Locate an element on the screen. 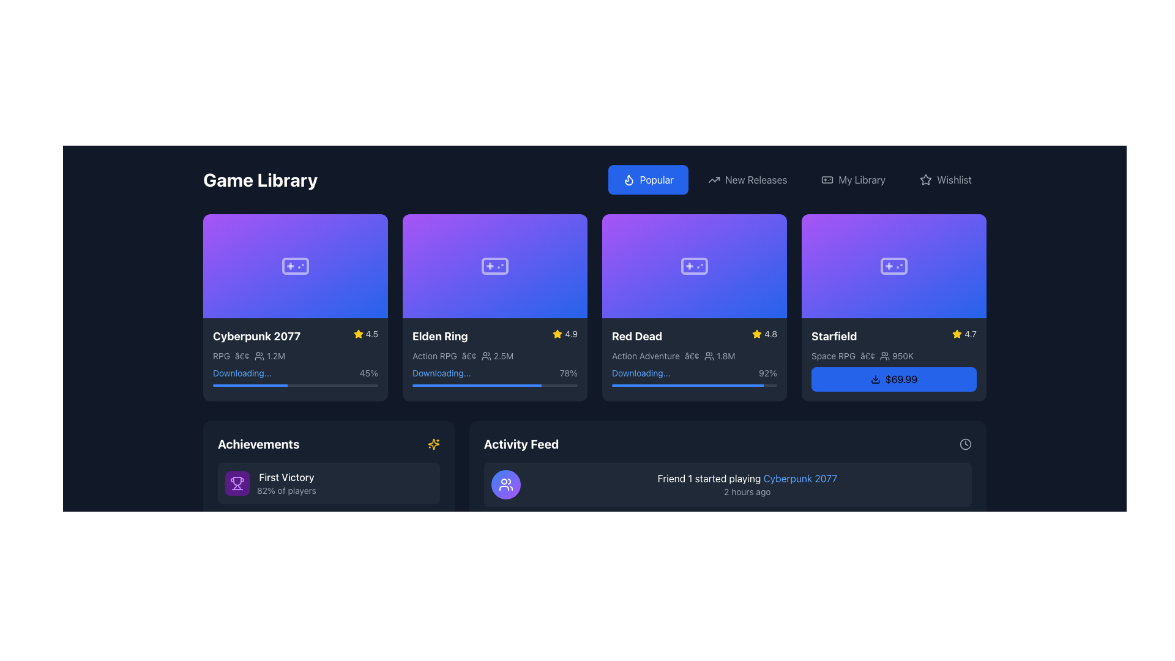 Image resolution: width=1175 pixels, height=661 pixels. percentage of players who have achieved the 'First Victory' milestone, indicated by the text located in the bottom portion of the 'First Victory' achievement box, which is the second text element under its header is located at coordinates (286, 490).